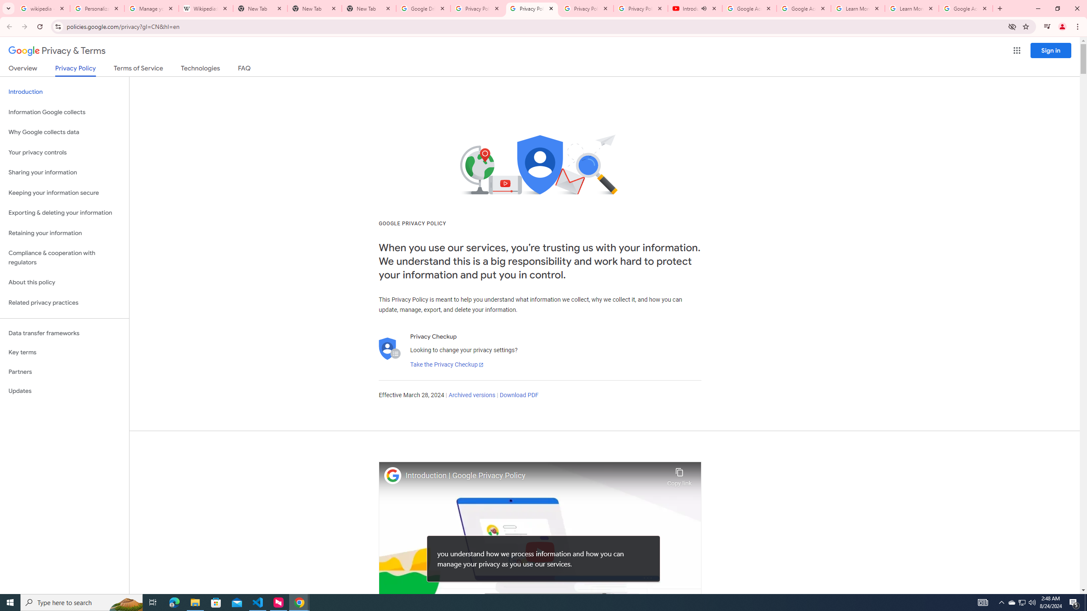 The width and height of the screenshot is (1087, 611). What do you see at coordinates (540, 551) in the screenshot?
I see `'Play'` at bounding box center [540, 551].